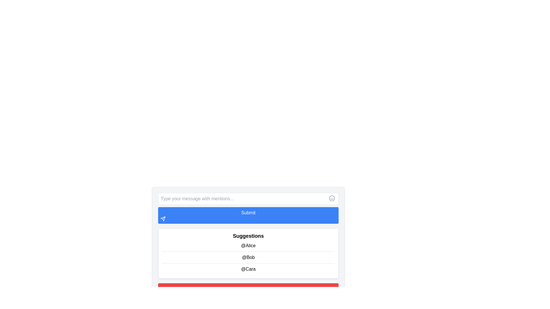  I want to click on the first suggestion item '@Alice' displayed in the suggestions list, located below the blue 'Submit' button, so click(248, 245).